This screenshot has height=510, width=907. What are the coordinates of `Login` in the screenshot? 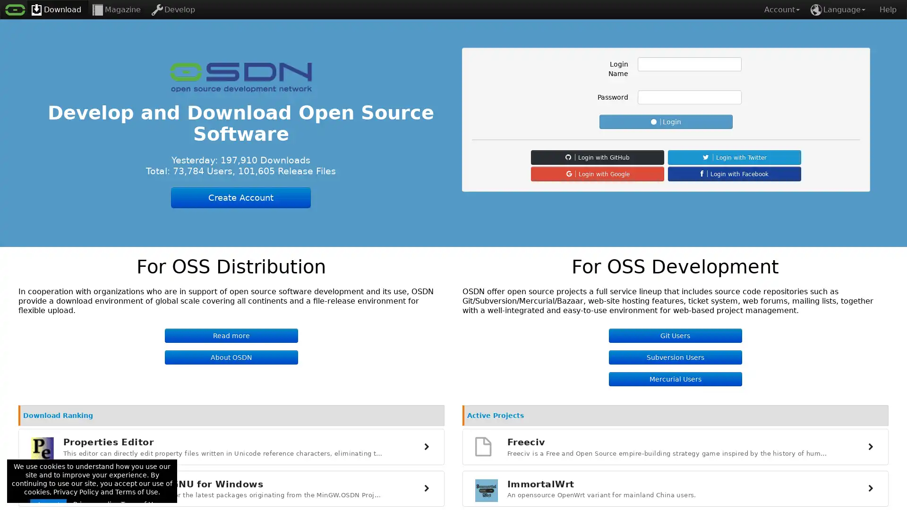 It's located at (666, 121).